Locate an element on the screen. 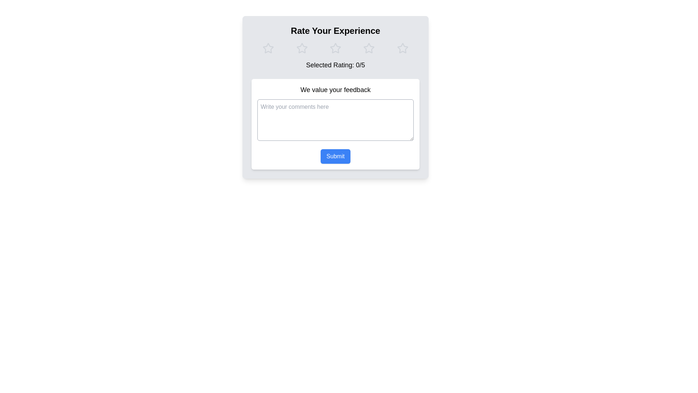 Image resolution: width=698 pixels, height=393 pixels. the 'Submit' button, which is a rectangular button with rounded corners, blue background, and white text, located below the multiline text area in the feedback form is located at coordinates (334, 156).